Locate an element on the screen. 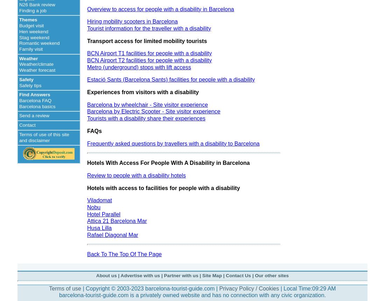 The image size is (385, 301). 'Terms of use' is located at coordinates (64, 288).